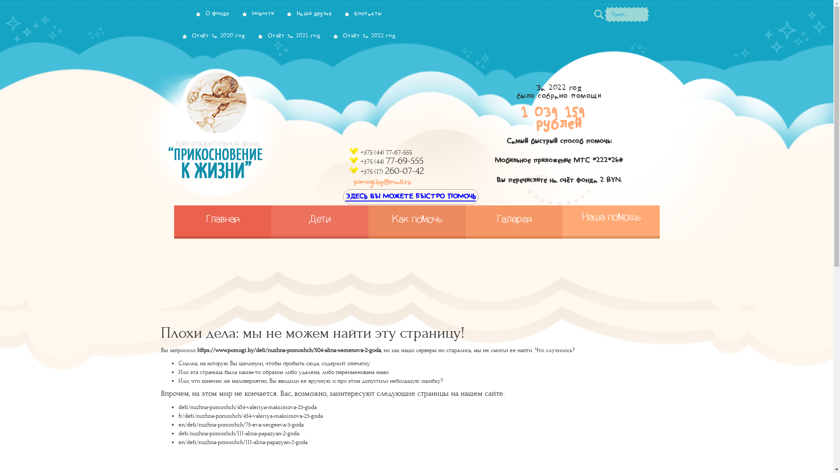 This screenshot has width=840, height=473. Describe the element at coordinates (250, 415) in the screenshot. I see `'fr/deti/nuzhna-pomoshch/454-valeriya-maksimova-23-goda'` at that location.